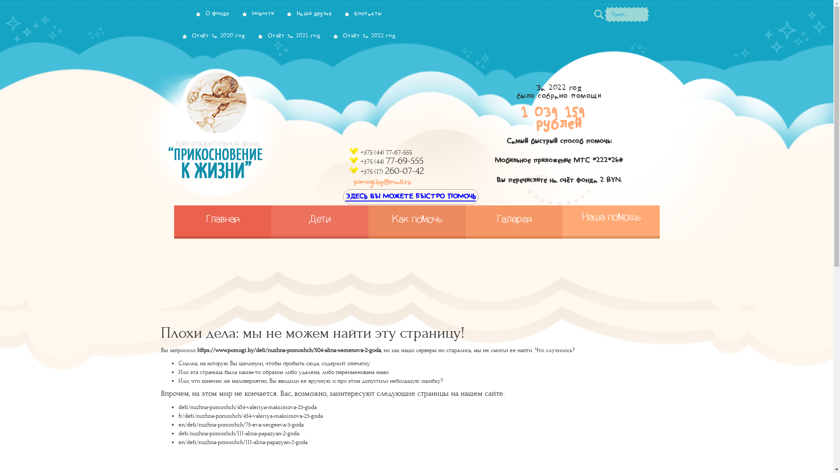 This screenshot has width=840, height=473. Describe the element at coordinates (250, 415) in the screenshot. I see `'fr/deti/nuzhna-pomoshch/454-valeriya-maksimova-23-goda'` at that location.